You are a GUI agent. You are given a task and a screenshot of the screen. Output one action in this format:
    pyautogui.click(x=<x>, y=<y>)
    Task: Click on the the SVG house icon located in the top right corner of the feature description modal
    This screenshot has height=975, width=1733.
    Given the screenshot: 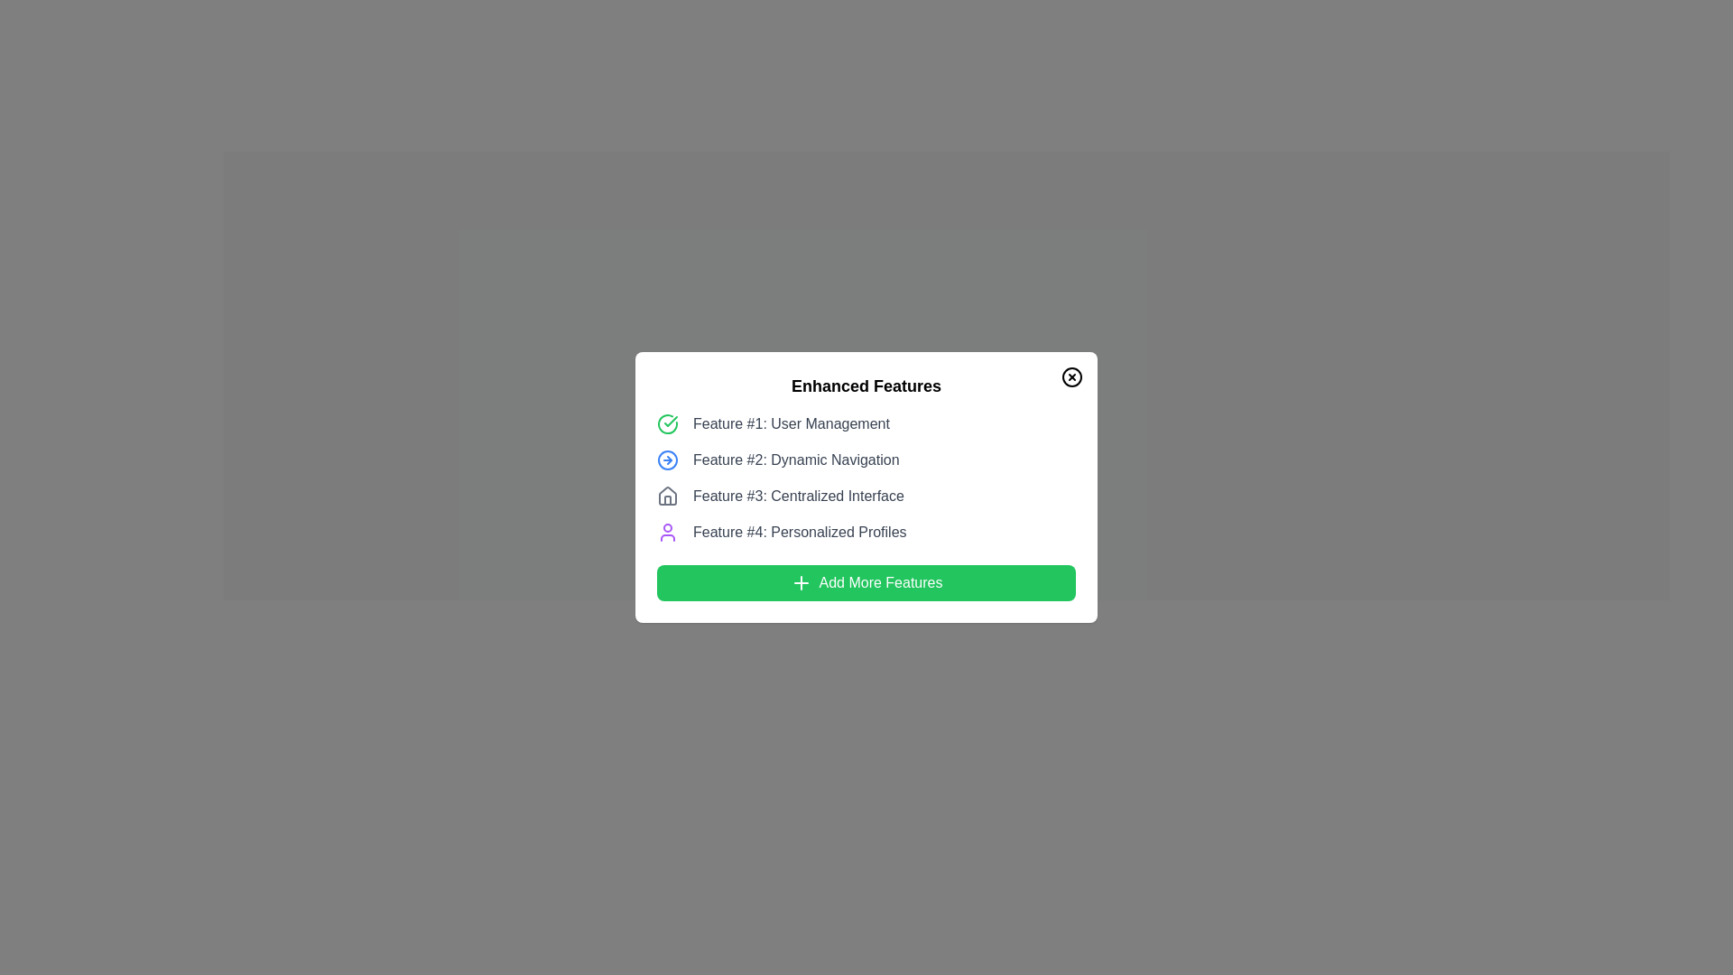 What is the action you would take?
    pyautogui.click(x=666, y=495)
    